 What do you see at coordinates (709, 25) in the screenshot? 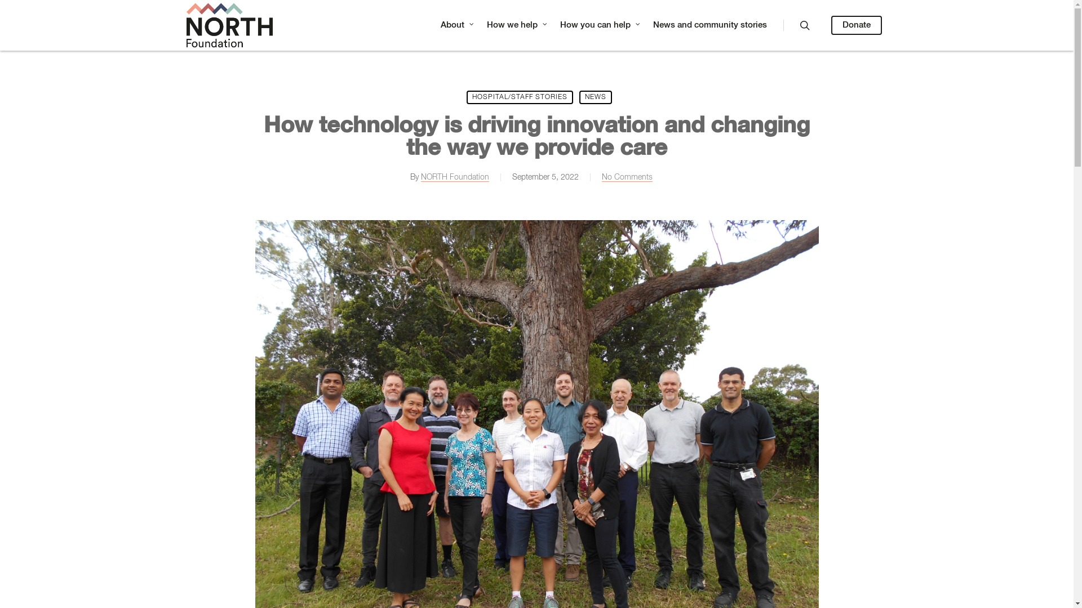
I see `'News and community stories'` at bounding box center [709, 25].